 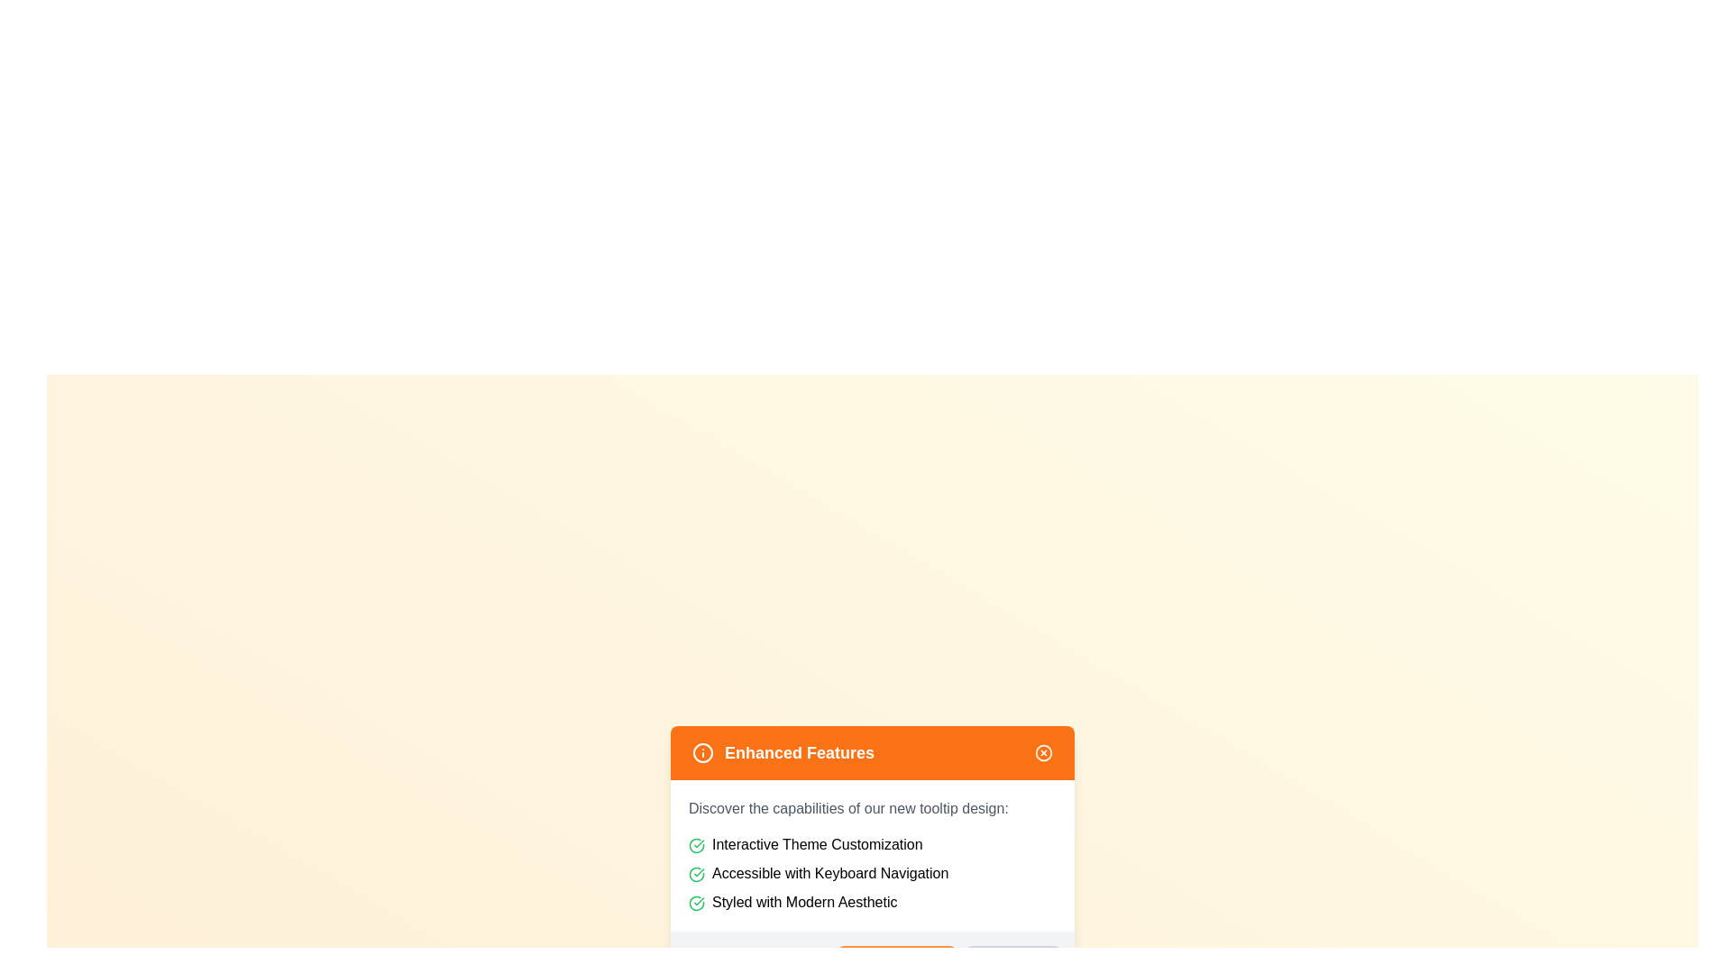 I want to click on the outer circle of the 'x' icon located at the top right corner of the orange header bar labeled 'Enhanced Features', so click(x=1043, y=753).